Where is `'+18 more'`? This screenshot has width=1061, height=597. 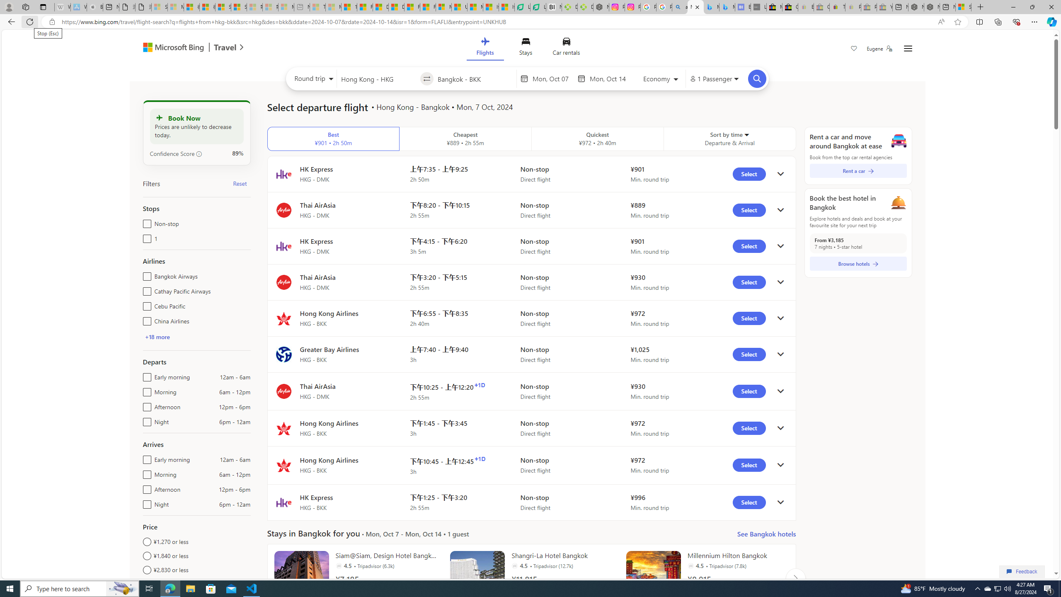 '+18 more' is located at coordinates (157, 336).